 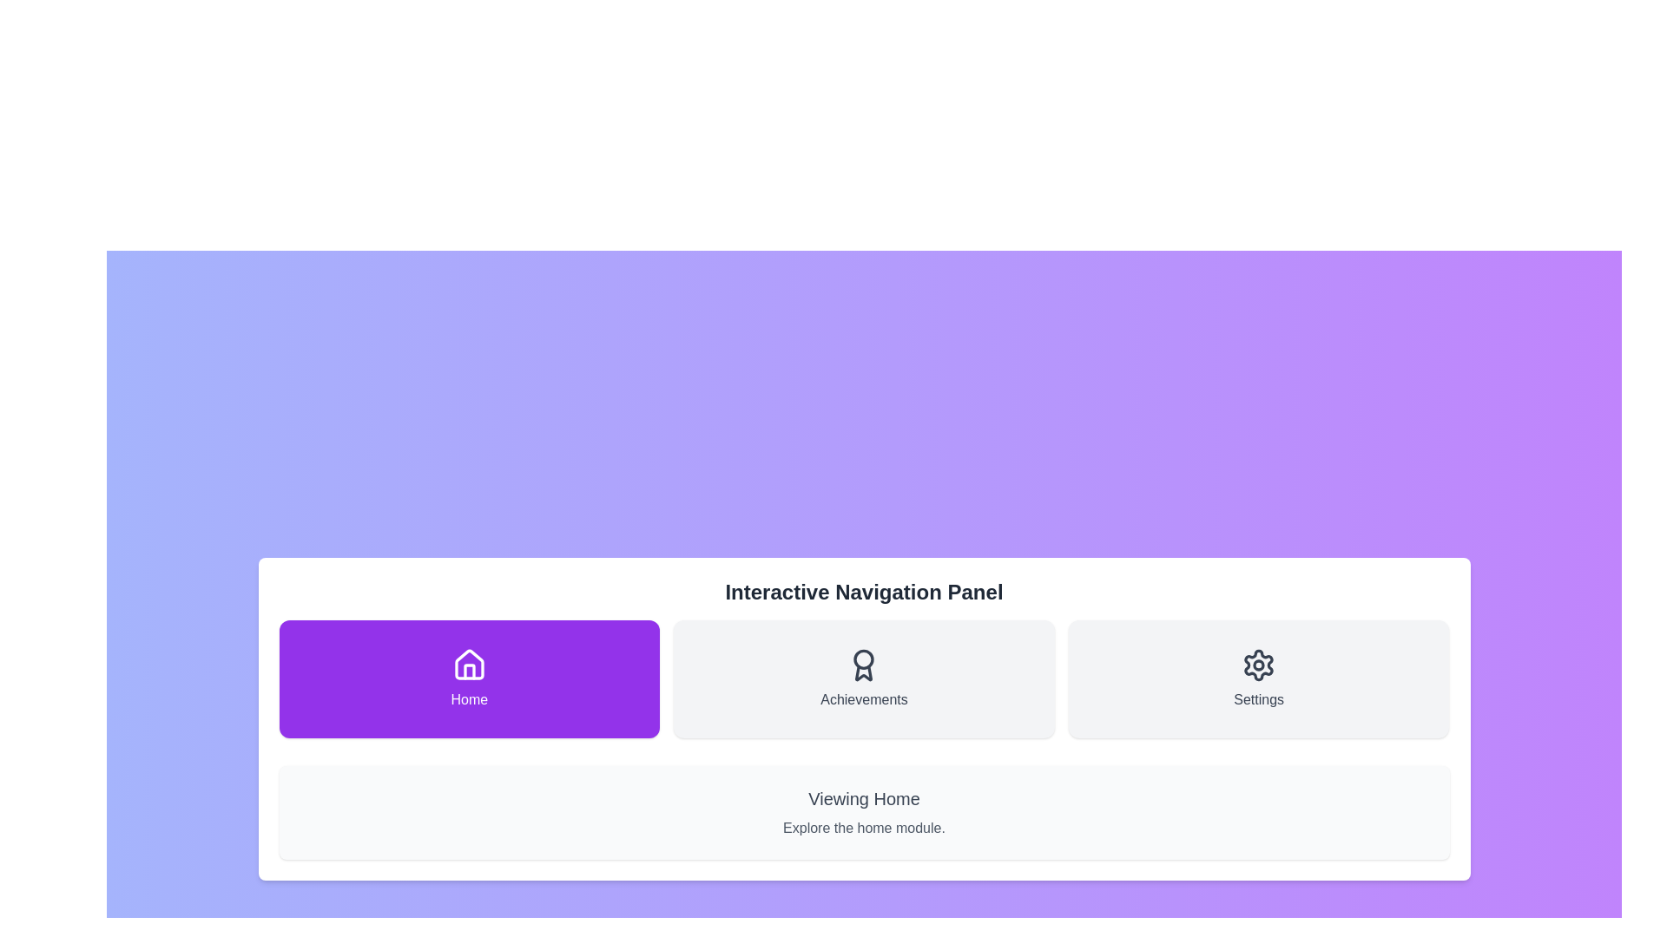 What do you see at coordinates (469, 664) in the screenshot?
I see `the white house-shaped icon located in the center of the 'Home' tab in the navigation panel, which features a roof and entry arch against a purple background` at bounding box center [469, 664].